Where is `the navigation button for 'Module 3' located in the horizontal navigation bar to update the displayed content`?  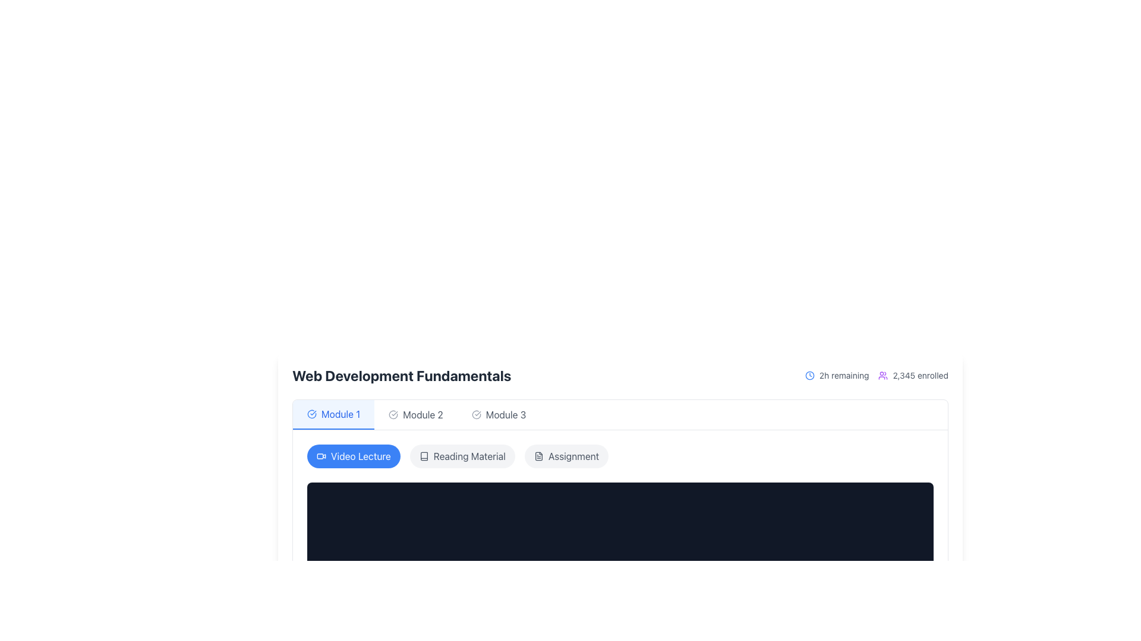 the navigation button for 'Module 3' located in the horizontal navigation bar to update the displayed content is located at coordinates (499, 414).